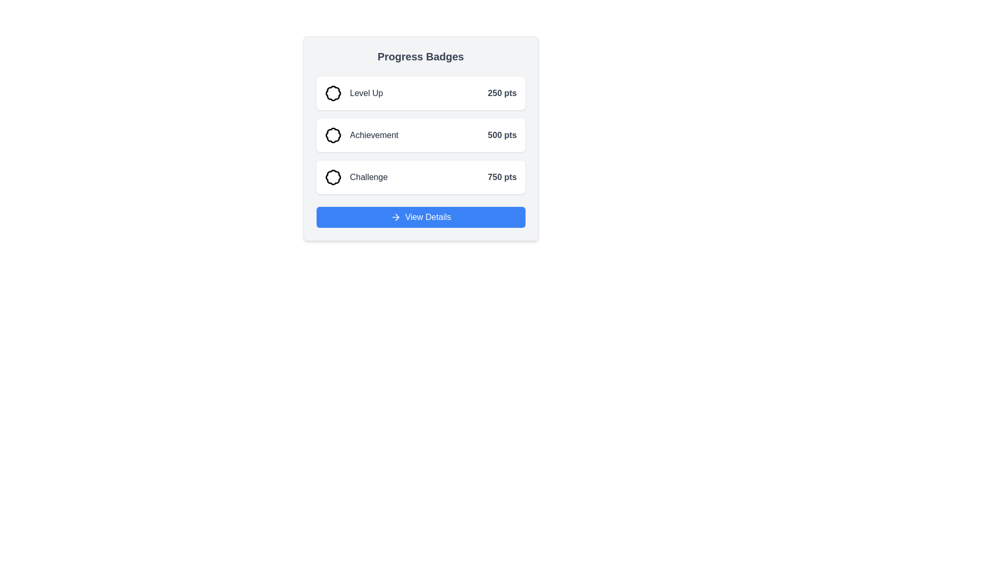 This screenshot has height=567, width=1008. Describe the element at coordinates (361, 135) in the screenshot. I see `the 'Achievement' label with icon, which features a badge-like graphic with a black outline and green fill, located in the Progress Badges card interface` at that location.